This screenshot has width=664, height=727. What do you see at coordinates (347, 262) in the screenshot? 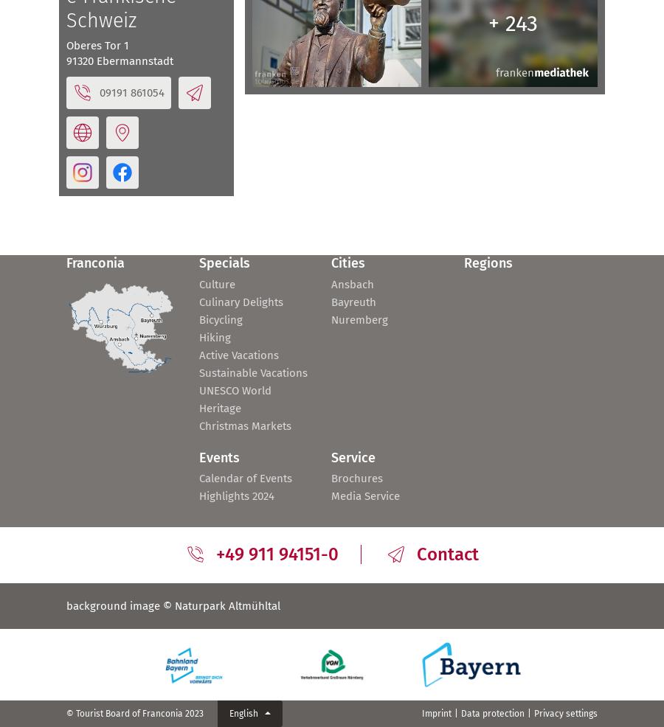
I see `'Cities'` at bounding box center [347, 262].